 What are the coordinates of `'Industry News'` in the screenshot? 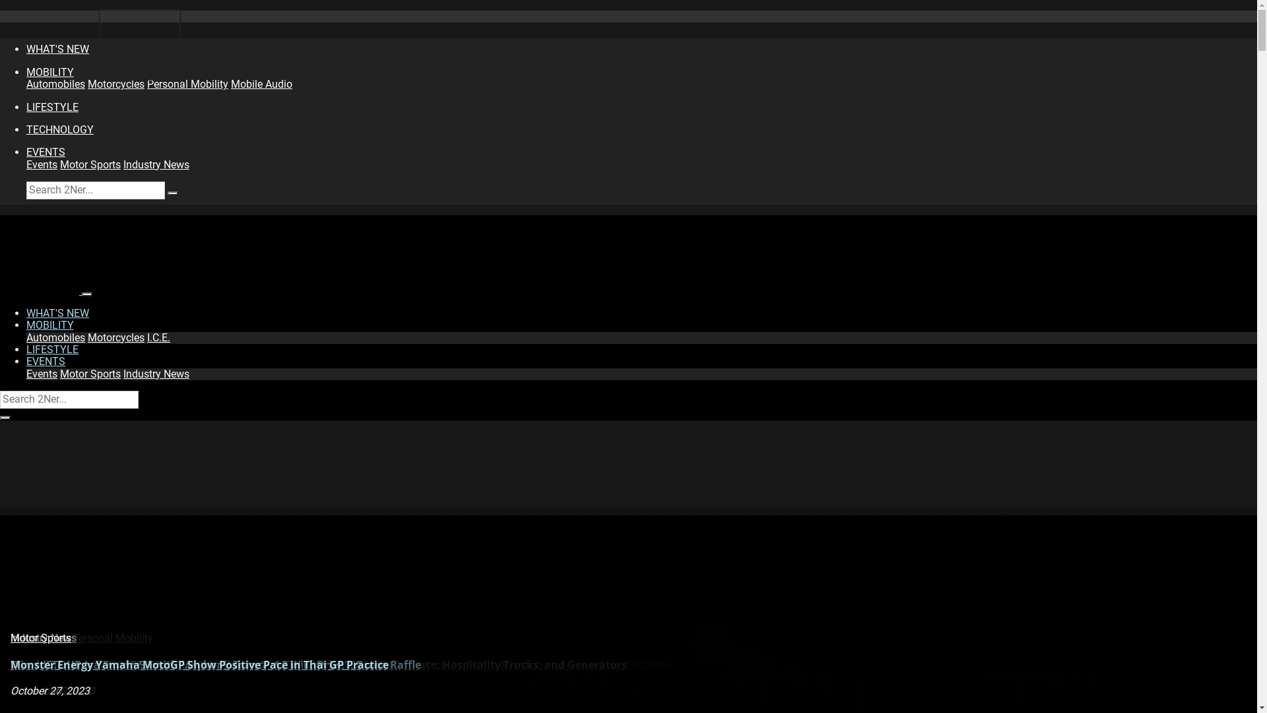 It's located at (156, 164).